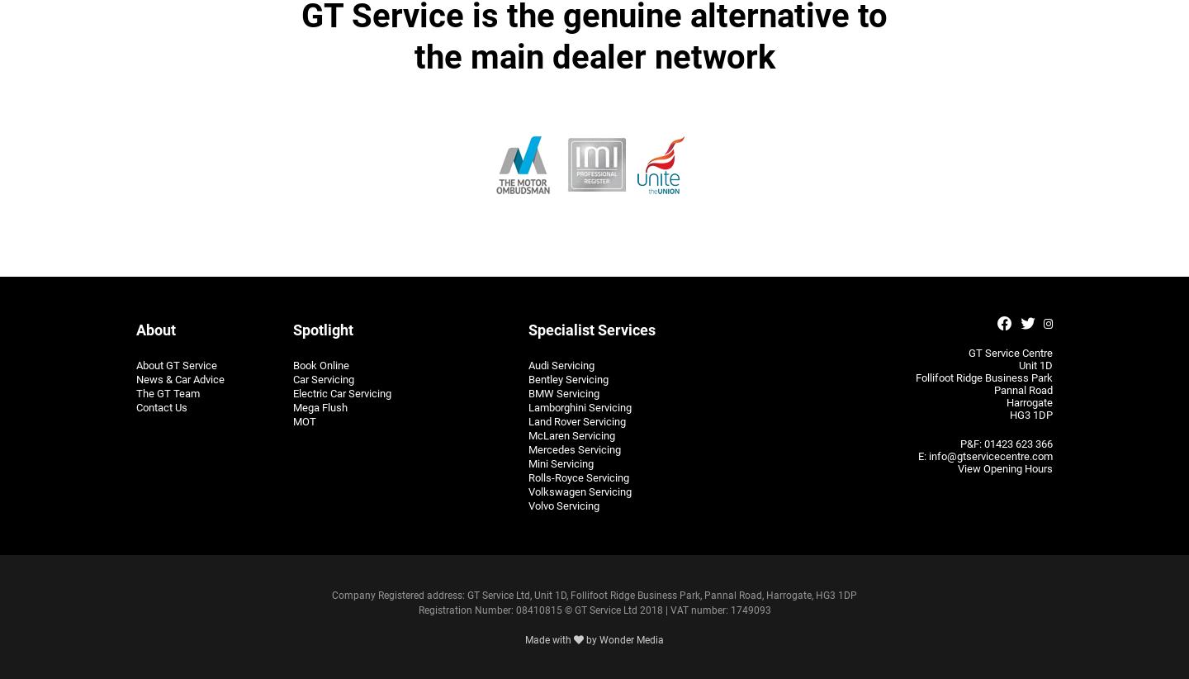 Image resolution: width=1189 pixels, height=679 pixels. I want to click on 'Unit 1D', so click(1035, 363).